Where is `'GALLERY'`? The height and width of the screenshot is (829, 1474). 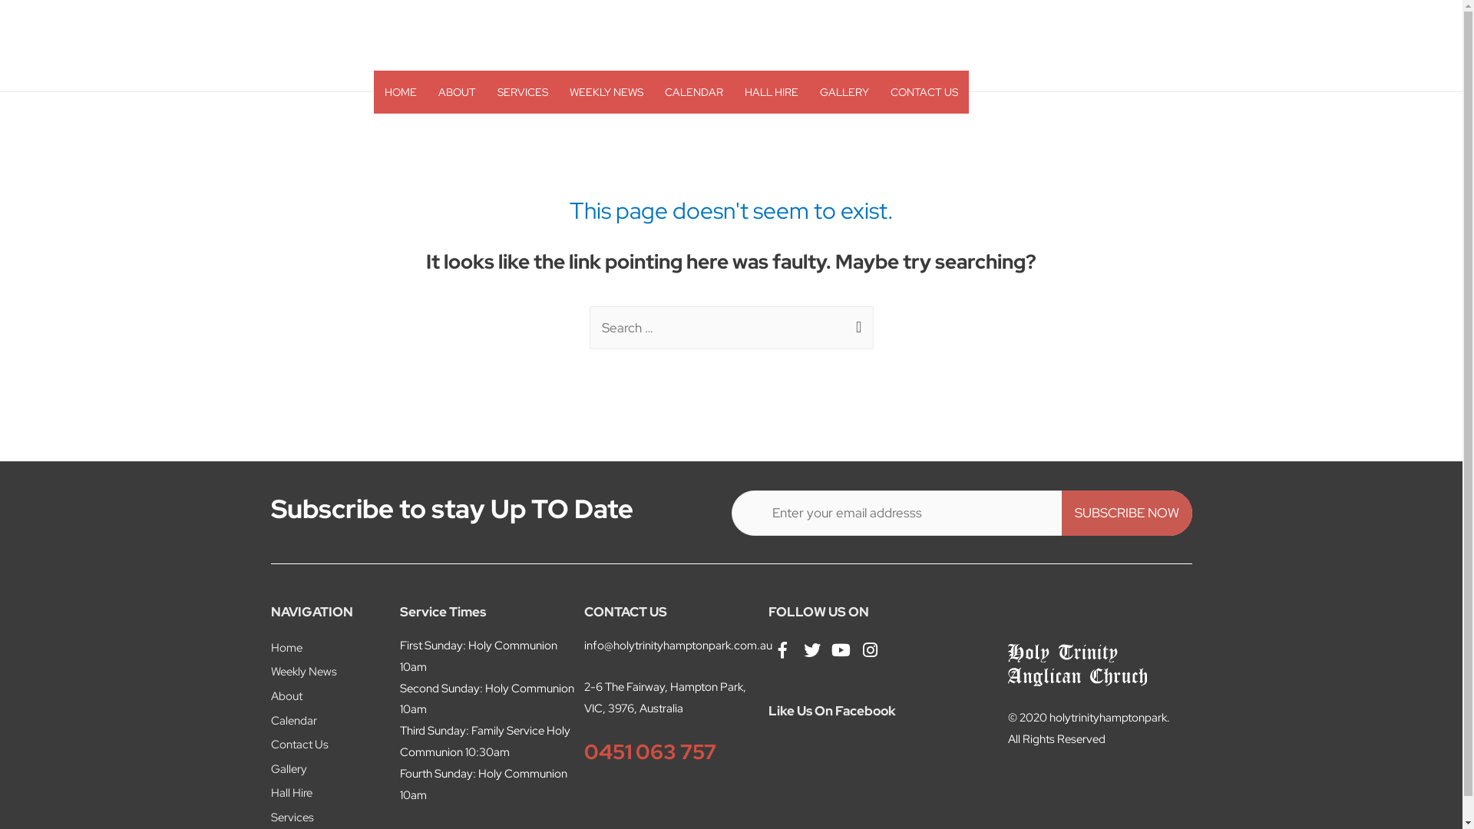 'GALLERY' is located at coordinates (843, 91).